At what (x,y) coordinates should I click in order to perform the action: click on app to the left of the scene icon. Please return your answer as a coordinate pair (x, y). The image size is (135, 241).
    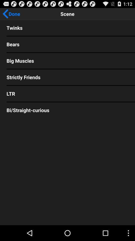
    Looking at the image, I should click on (11, 14).